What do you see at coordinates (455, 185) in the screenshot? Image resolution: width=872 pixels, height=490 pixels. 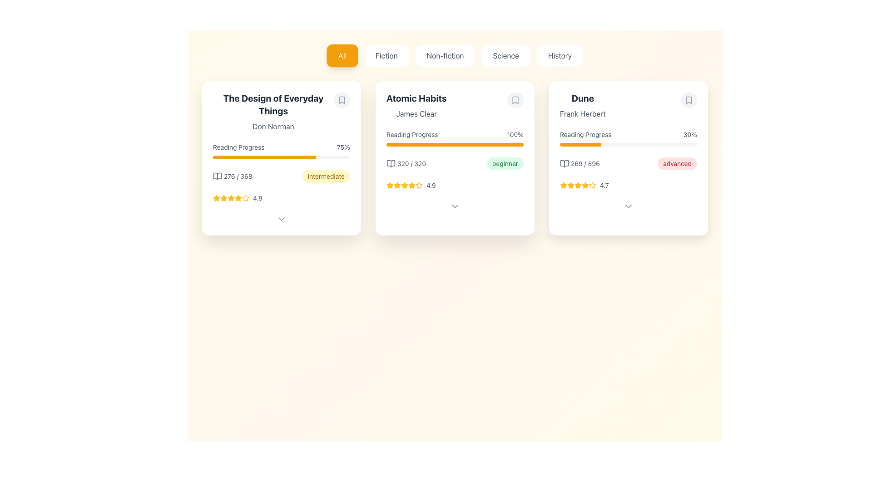 I see `the rating stars and numeric value displayed in the Rating section of the book card for 'Atomic Habits' by James Clear, which is located below the 'Reading Progress' section` at bounding box center [455, 185].